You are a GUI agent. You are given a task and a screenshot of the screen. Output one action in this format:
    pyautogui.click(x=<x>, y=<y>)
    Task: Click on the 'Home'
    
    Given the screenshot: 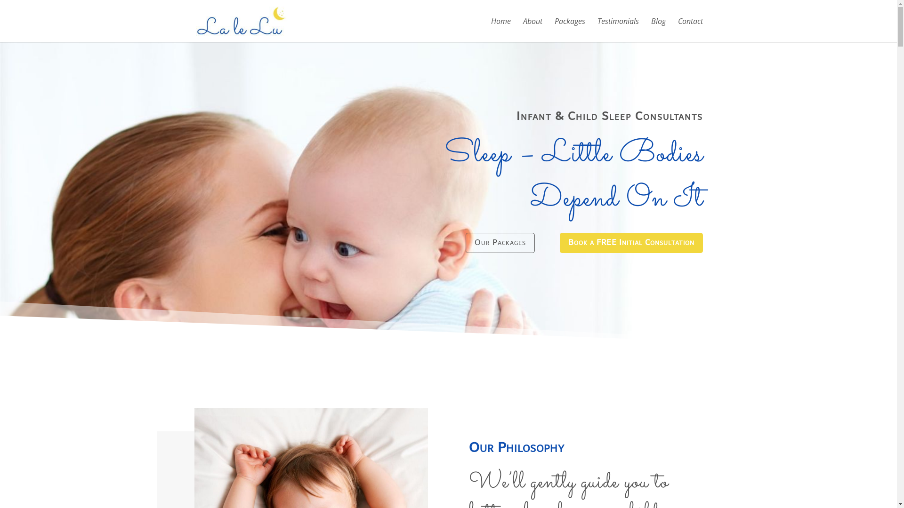 What is the action you would take?
    pyautogui.click(x=500, y=30)
    